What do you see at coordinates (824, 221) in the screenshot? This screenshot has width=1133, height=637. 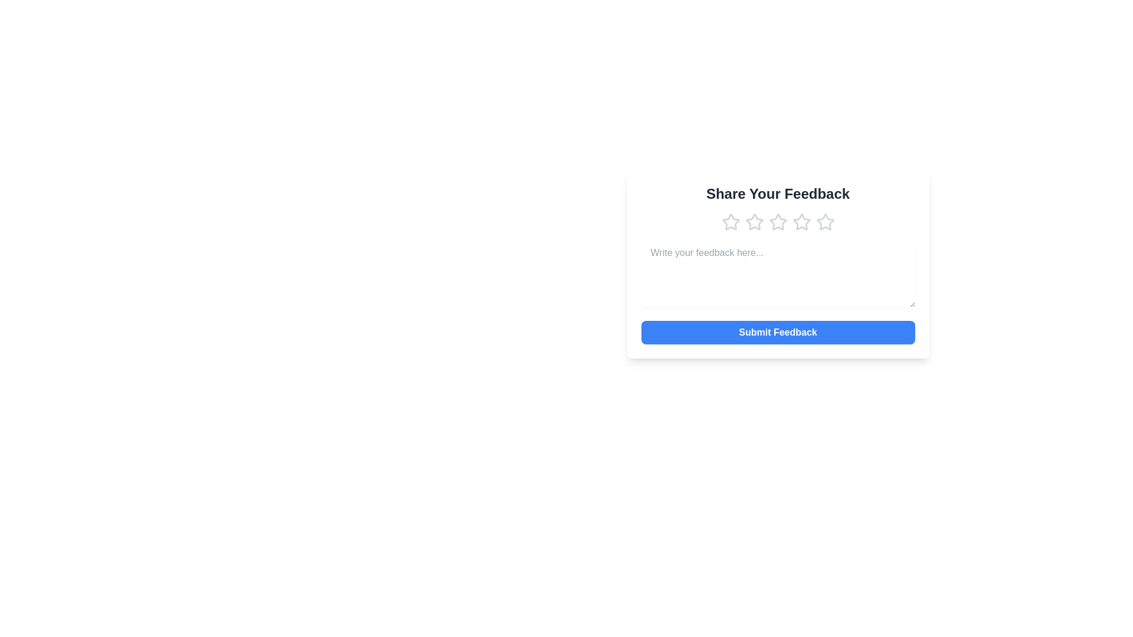 I see `the fifth star icon in the rating component, which is outlined in gray and located at the far right of the row of stars` at bounding box center [824, 221].